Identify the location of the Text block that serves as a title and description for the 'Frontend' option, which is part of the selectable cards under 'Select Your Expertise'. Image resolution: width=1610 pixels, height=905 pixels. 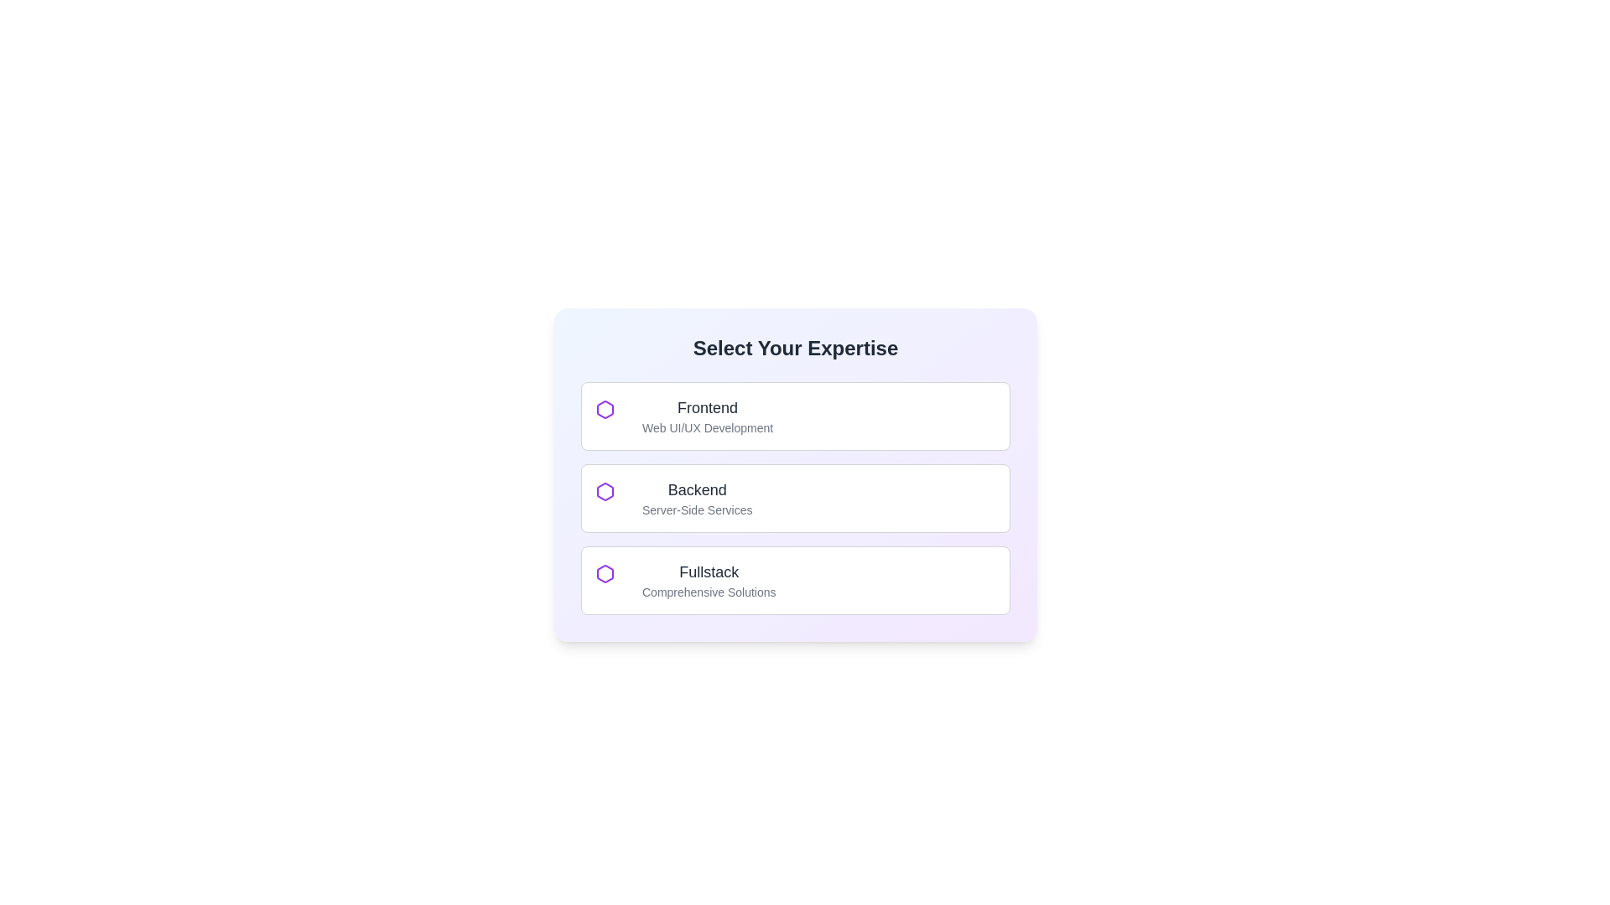
(708, 416).